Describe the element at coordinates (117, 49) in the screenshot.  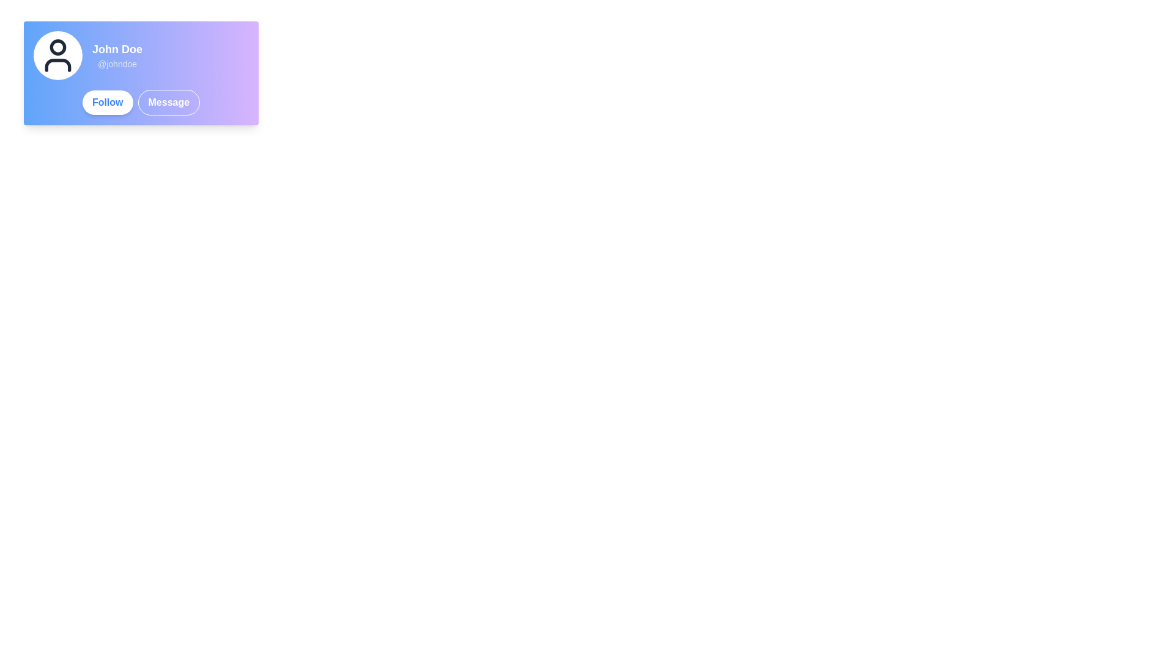
I see `the static text label displaying the user's account name, positioned above the '@johndoe' username text and to the right of the profile icon` at that location.